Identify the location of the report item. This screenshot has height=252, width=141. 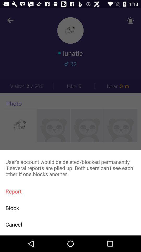
(70, 191).